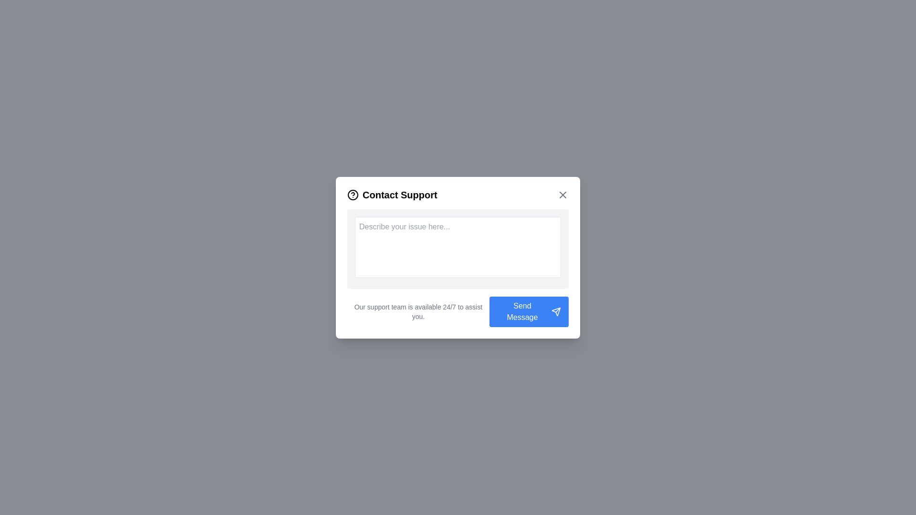 This screenshot has height=515, width=916. What do you see at coordinates (352, 194) in the screenshot?
I see `the decorative SVG Circle Element located at the center of the support contact modal` at bounding box center [352, 194].